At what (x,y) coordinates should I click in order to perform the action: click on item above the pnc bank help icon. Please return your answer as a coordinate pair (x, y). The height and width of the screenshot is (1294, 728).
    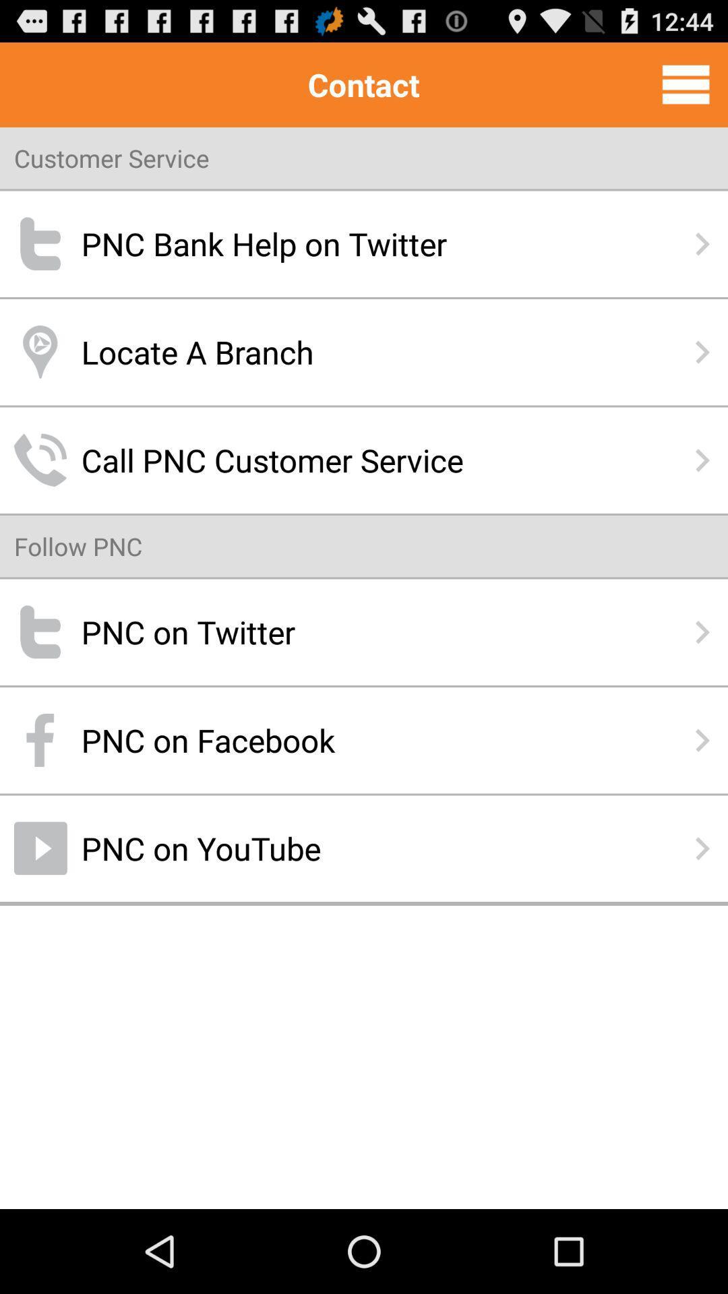
    Looking at the image, I should click on (686, 84).